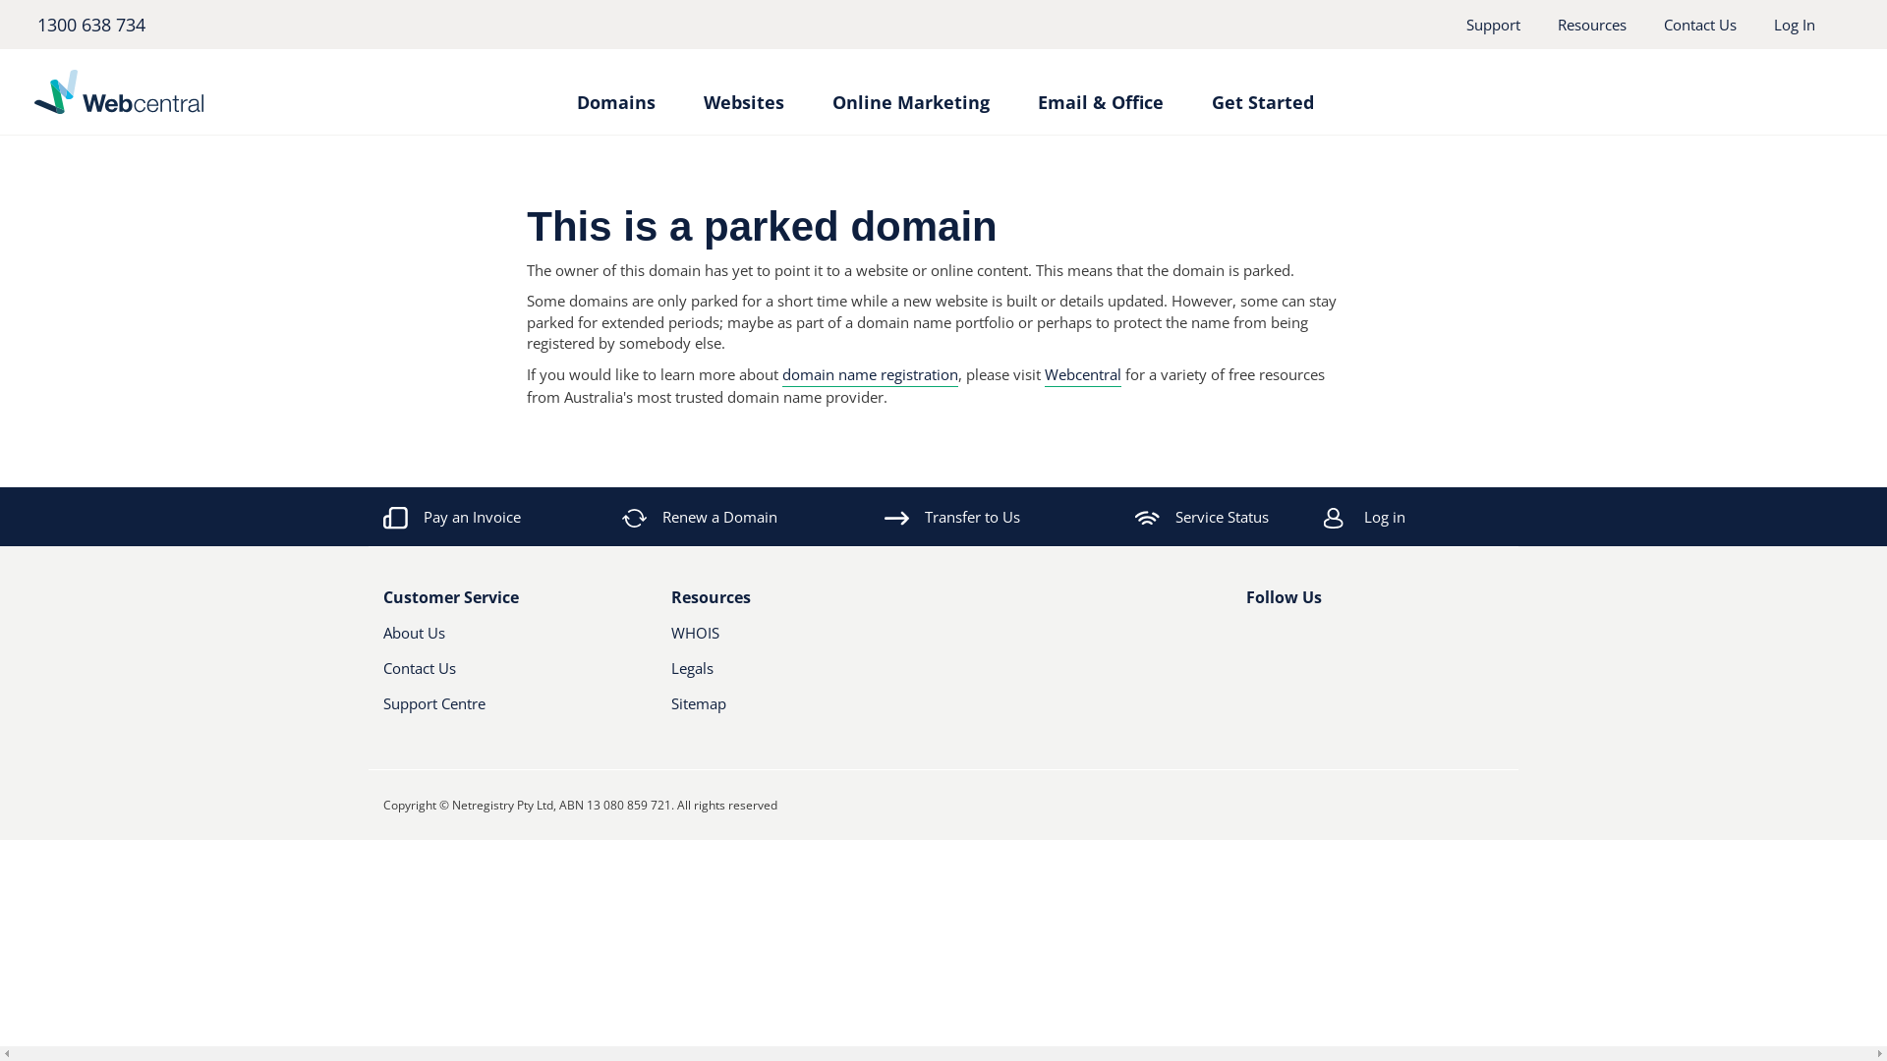 The image size is (1887, 1061). Describe the element at coordinates (88, 24) in the screenshot. I see `'1300 638 734'` at that location.